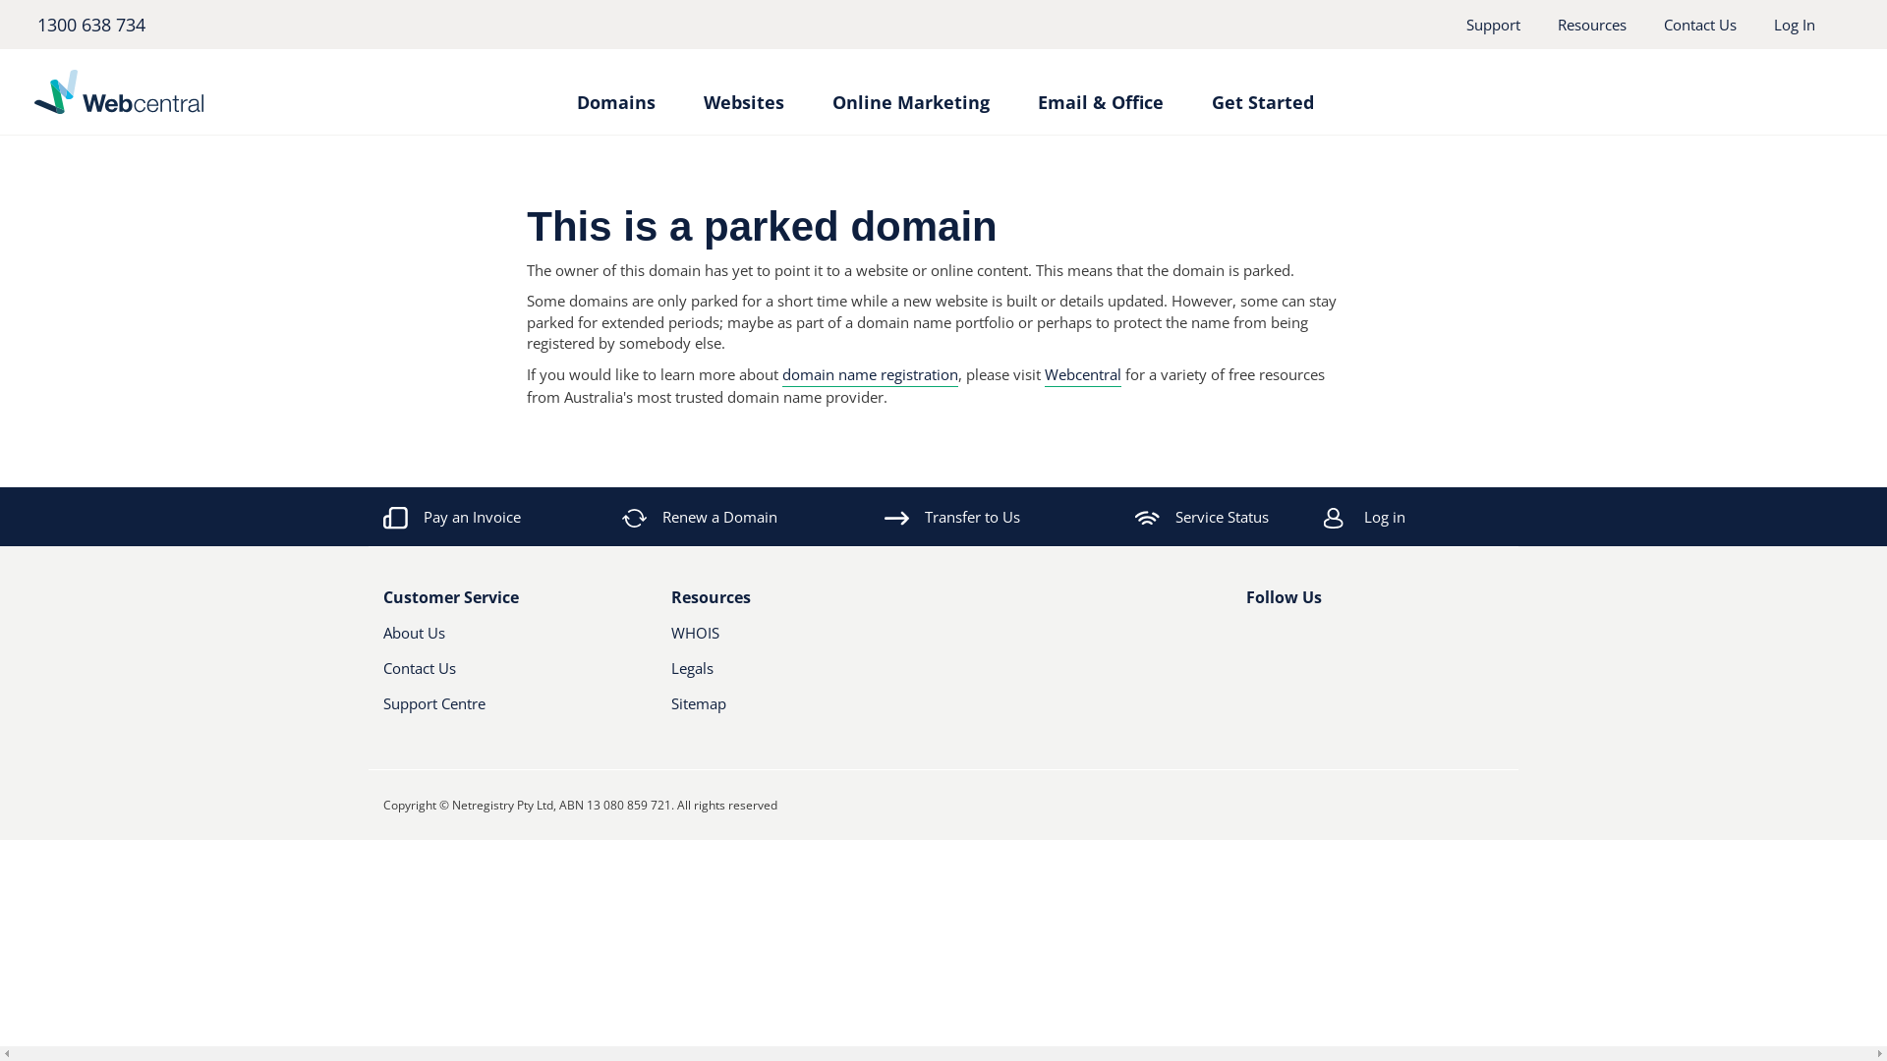 The image size is (1887, 1061). Describe the element at coordinates (88, 24) in the screenshot. I see `'1300 638 734'` at that location.